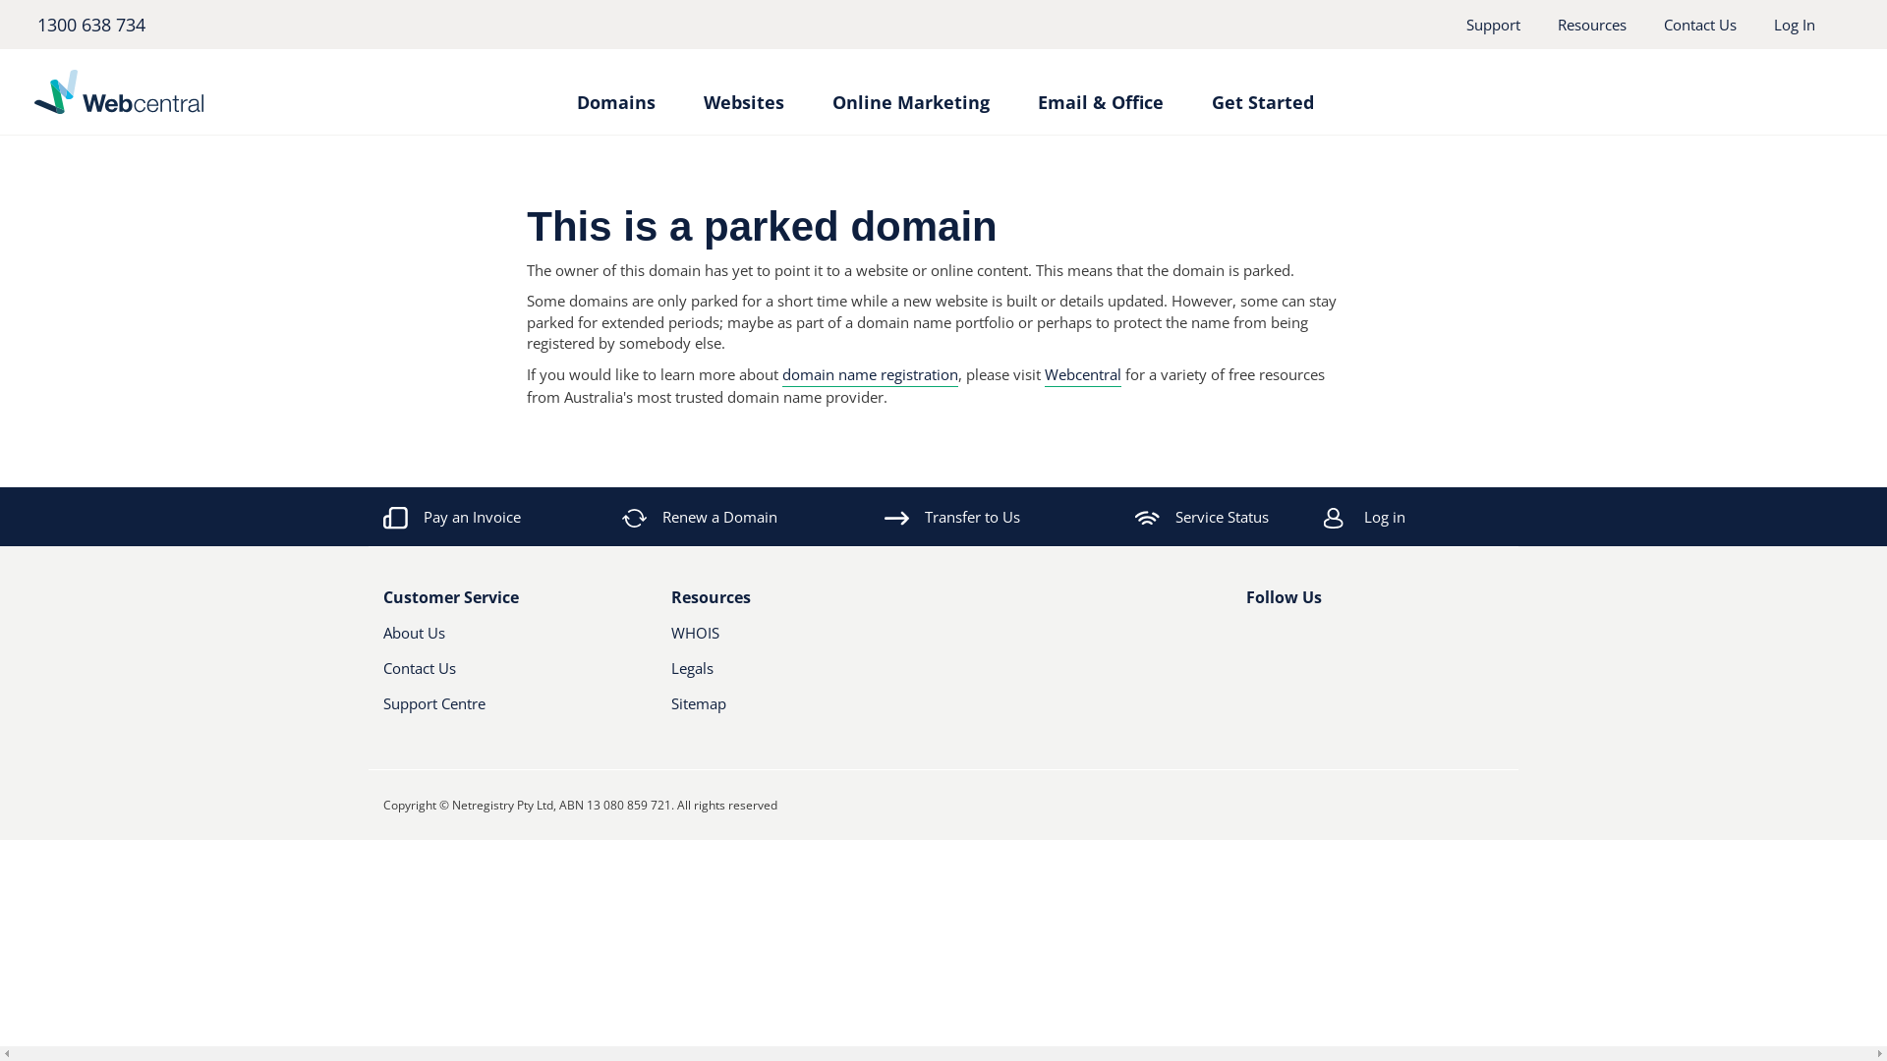 The image size is (1887, 1061). Describe the element at coordinates (88, 24) in the screenshot. I see `'1300 638 734'` at that location.